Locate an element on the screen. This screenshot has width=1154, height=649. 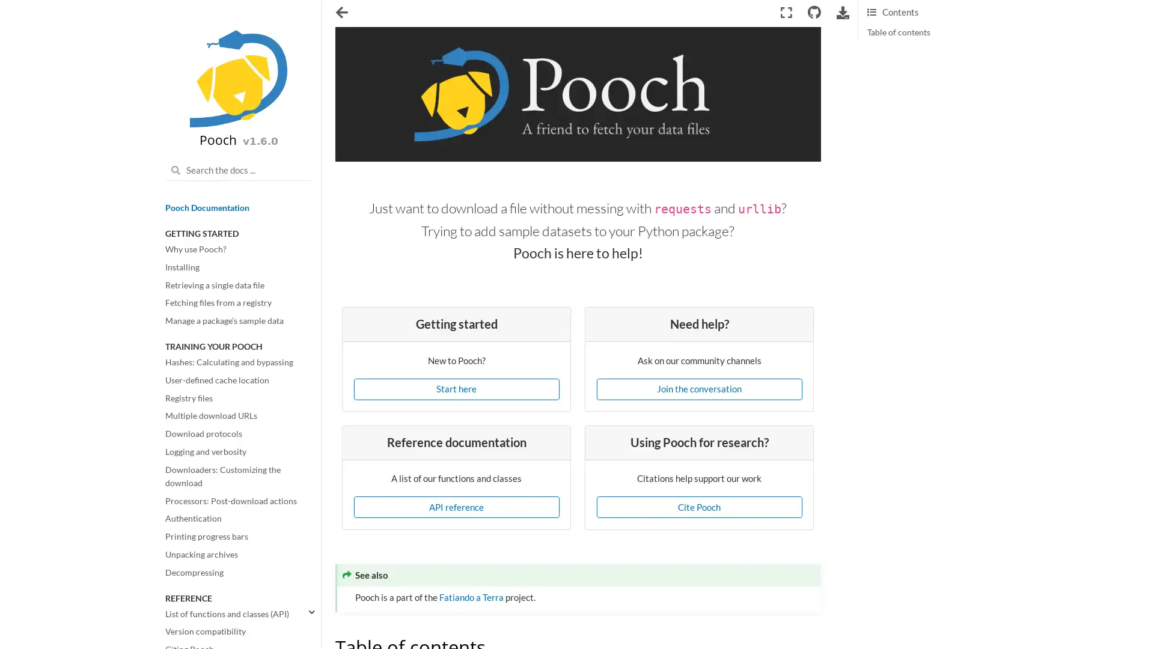
Fullscreen mode is located at coordinates (786, 12).